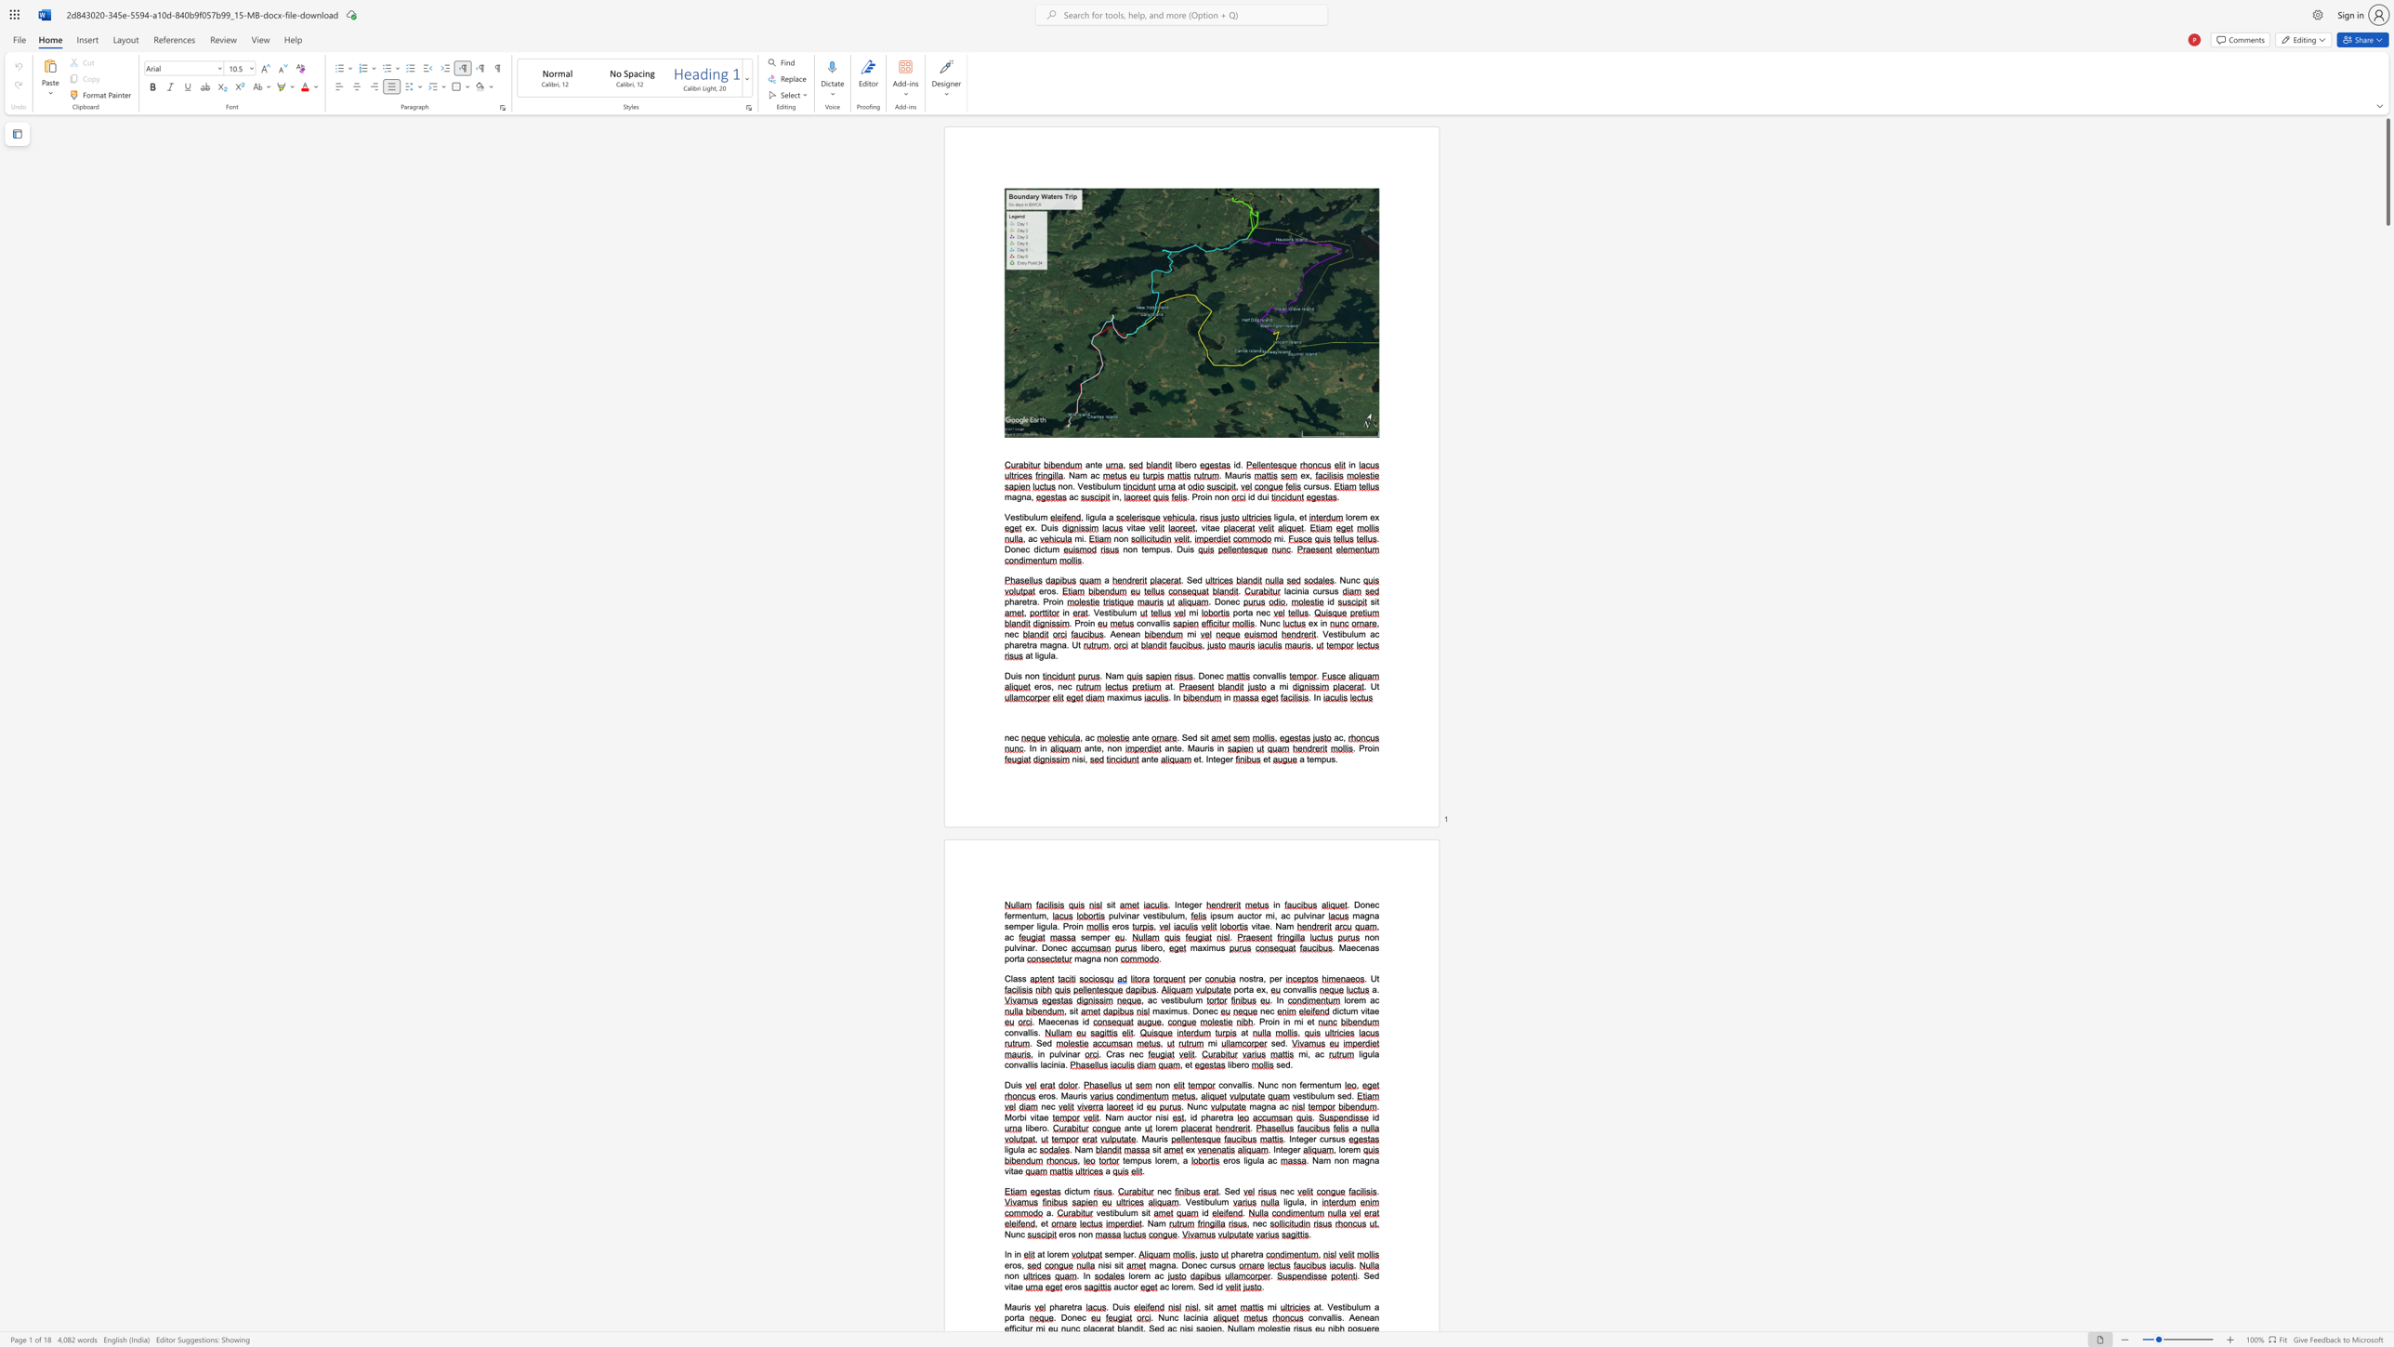  Describe the element at coordinates (1153, 916) in the screenshot. I see `the 1th character "s" in the text` at that location.